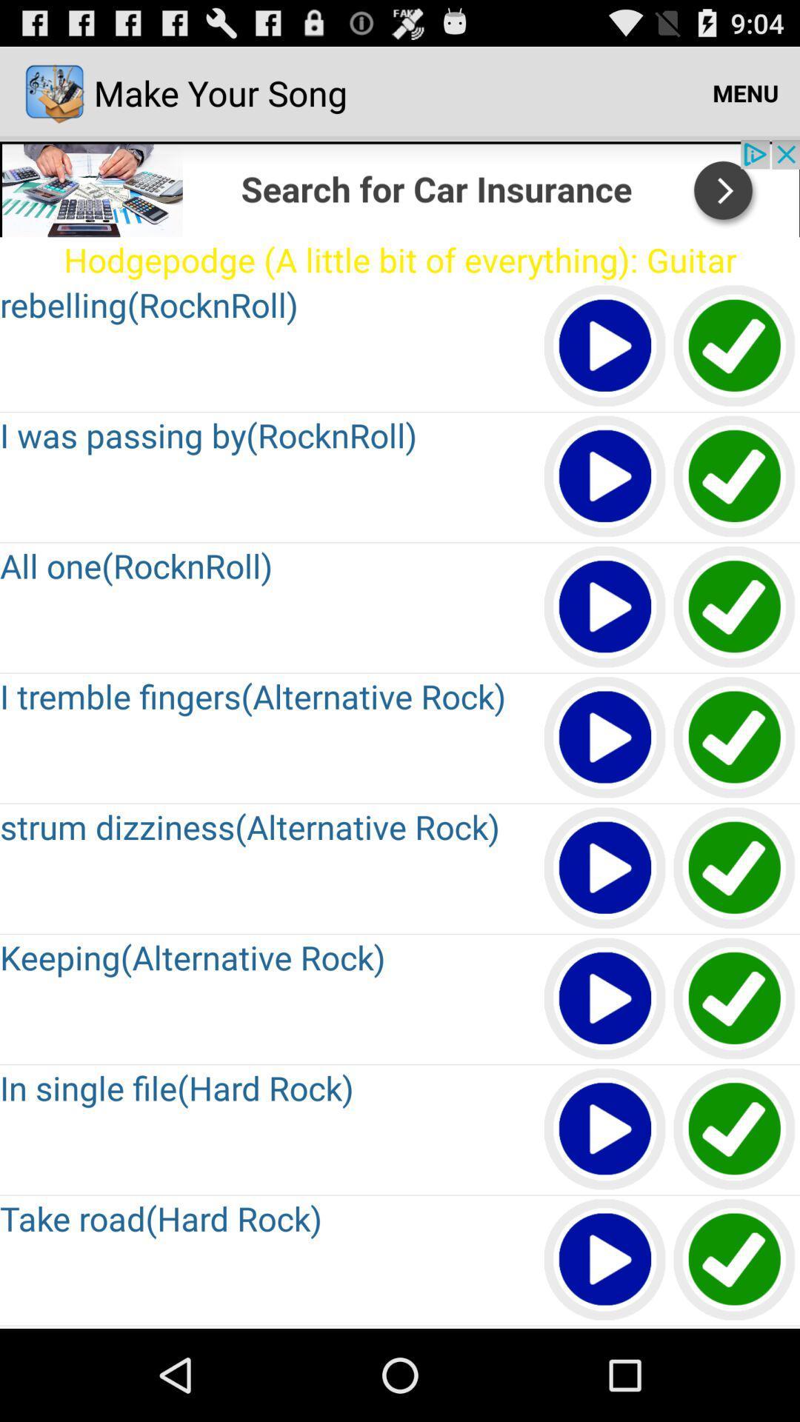  What do you see at coordinates (735, 1129) in the screenshot?
I see `check box` at bounding box center [735, 1129].